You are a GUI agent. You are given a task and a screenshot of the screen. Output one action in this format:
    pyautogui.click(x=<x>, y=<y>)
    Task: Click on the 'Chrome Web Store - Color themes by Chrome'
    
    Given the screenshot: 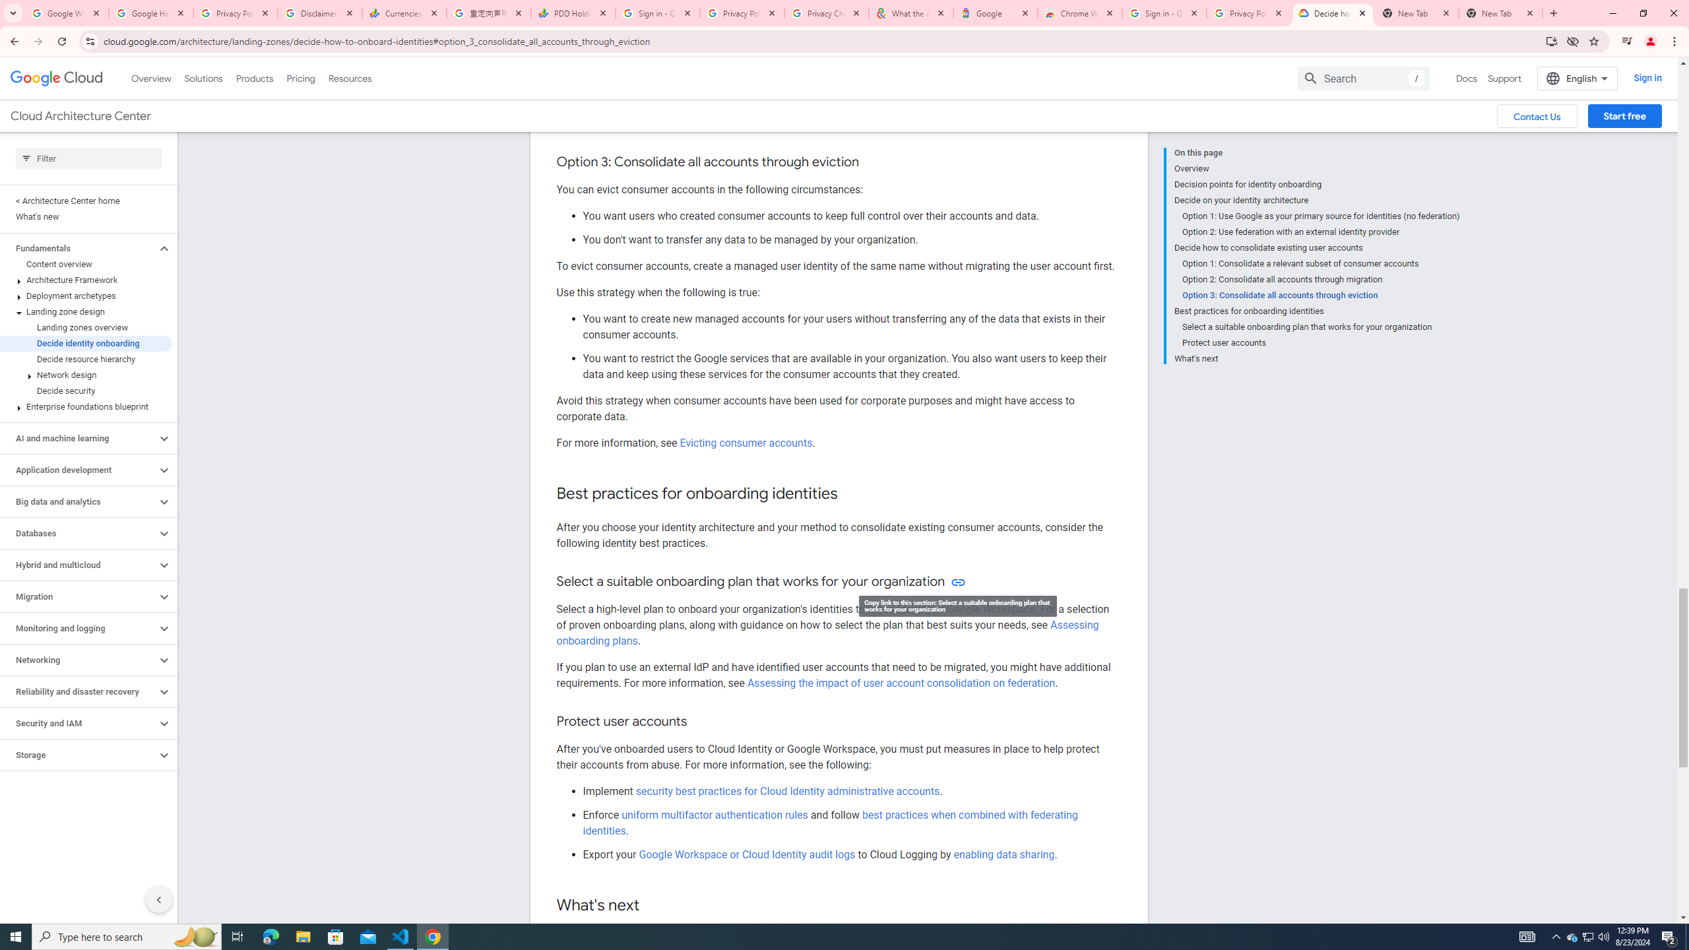 What is the action you would take?
    pyautogui.click(x=1079, y=13)
    